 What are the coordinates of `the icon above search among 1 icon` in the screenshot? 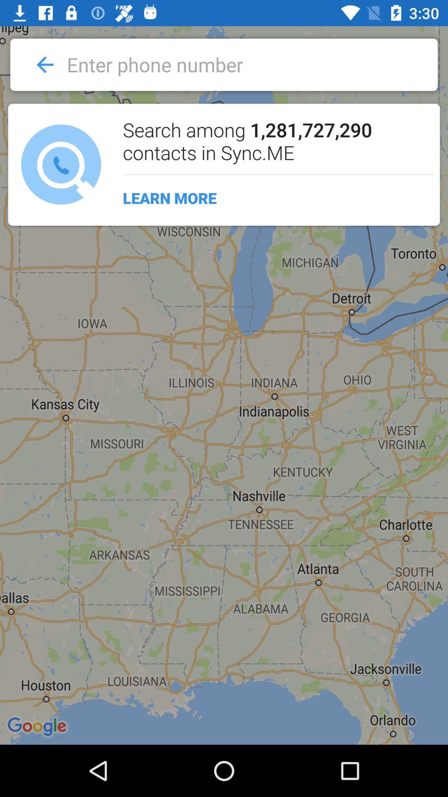 It's located at (228, 64).